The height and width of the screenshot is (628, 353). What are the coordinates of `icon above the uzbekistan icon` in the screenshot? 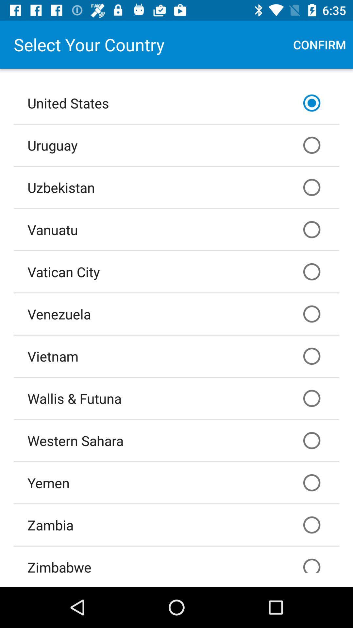 It's located at (176, 145).